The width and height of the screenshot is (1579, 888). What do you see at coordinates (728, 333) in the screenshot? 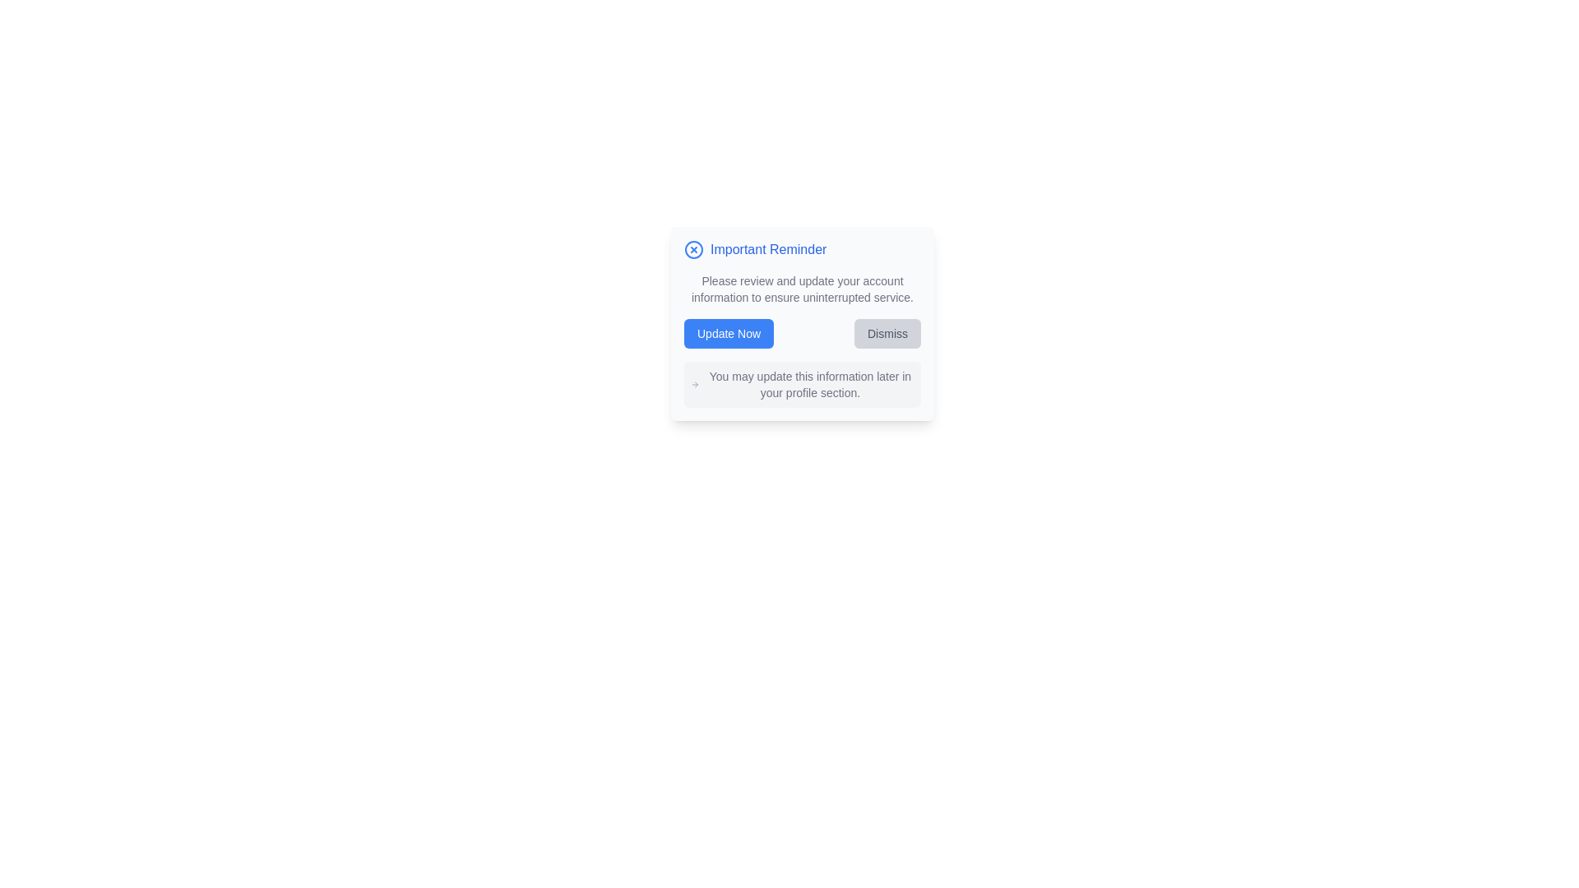
I see `the 'Update Now' button, which has a blue background and white text` at bounding box center [728, 333].